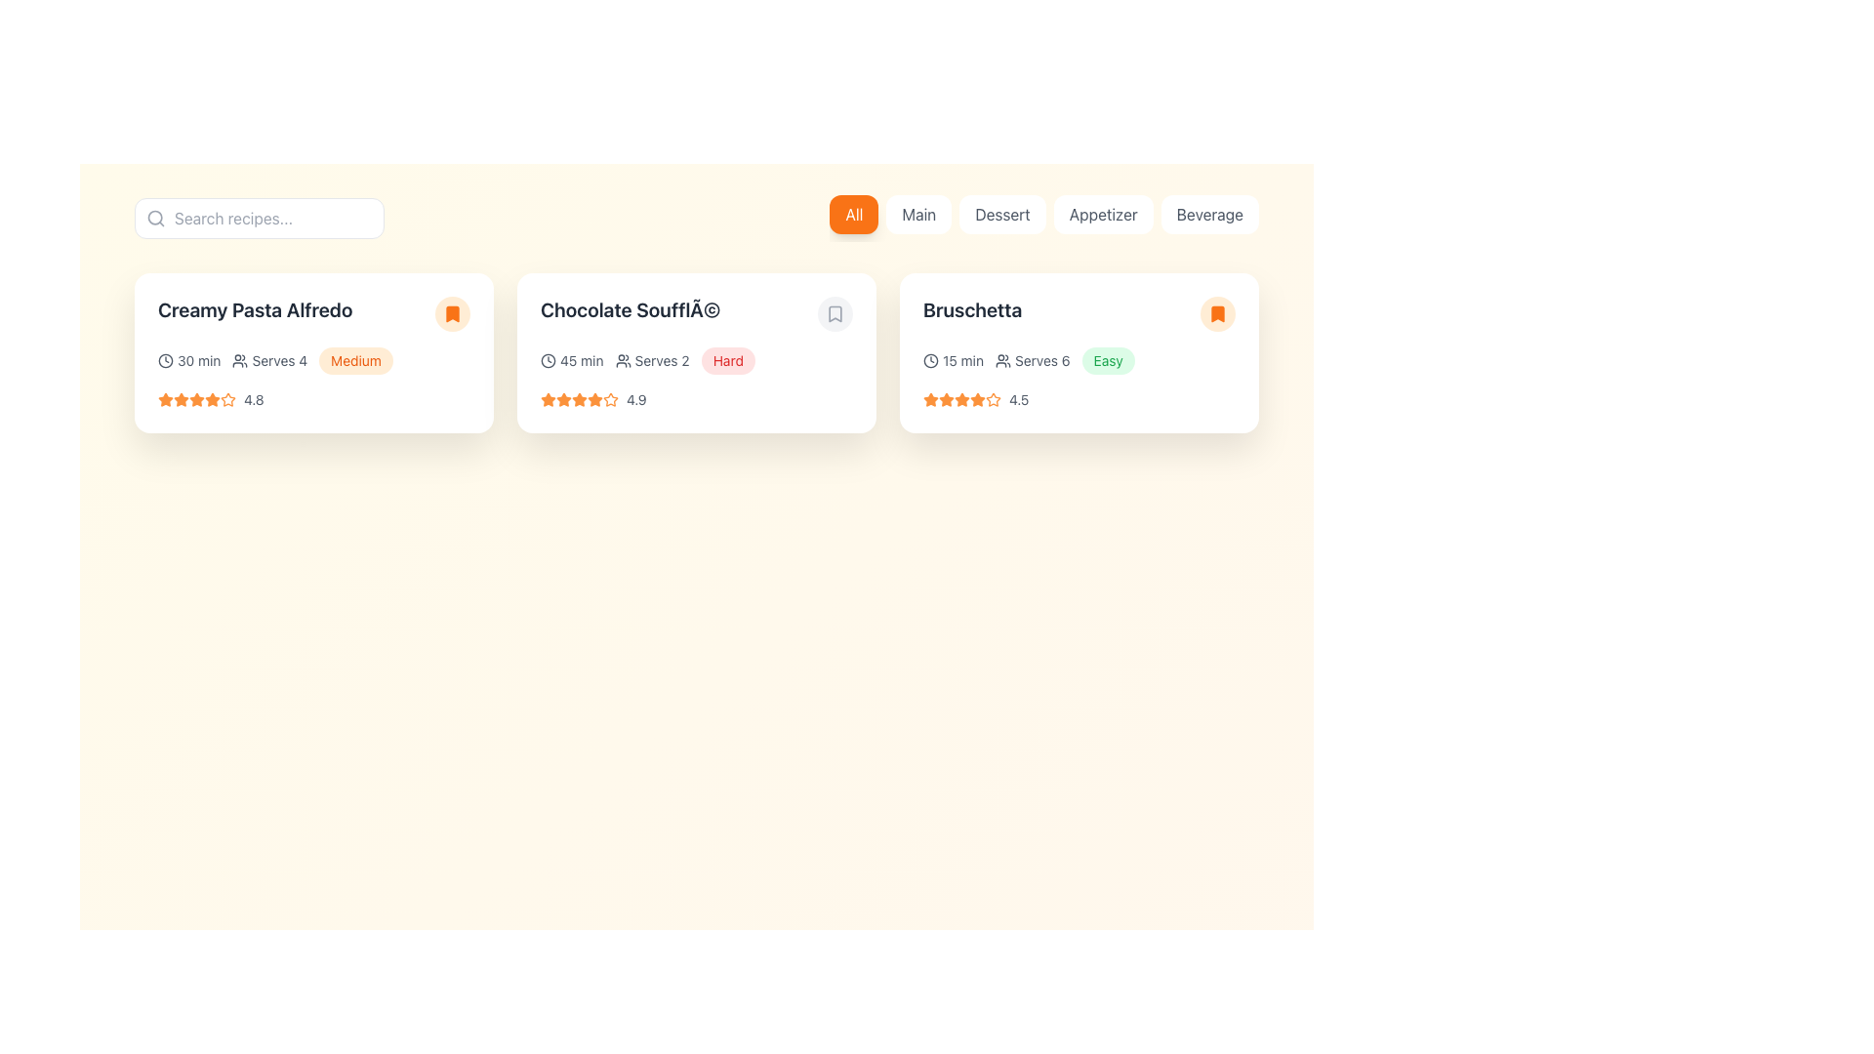 Image resolution: width=1874 pixels, height=1054 pixels. I want to click on the fifth star icon in the rating section of the 'Chocolate Soufflé' card to rate the item, so click(579, 398).